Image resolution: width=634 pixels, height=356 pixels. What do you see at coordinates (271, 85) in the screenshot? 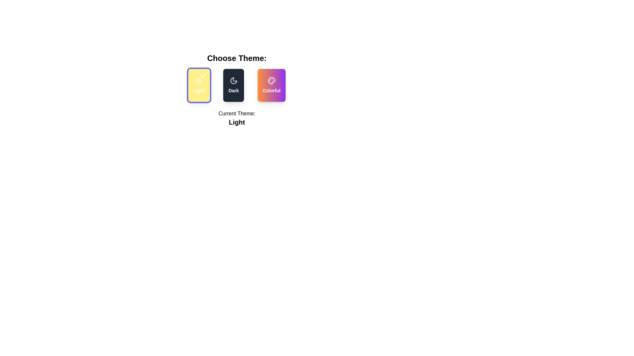
I see `the theme by clicking on the corresponding button for Colorful` at bounding box center [271, 85].